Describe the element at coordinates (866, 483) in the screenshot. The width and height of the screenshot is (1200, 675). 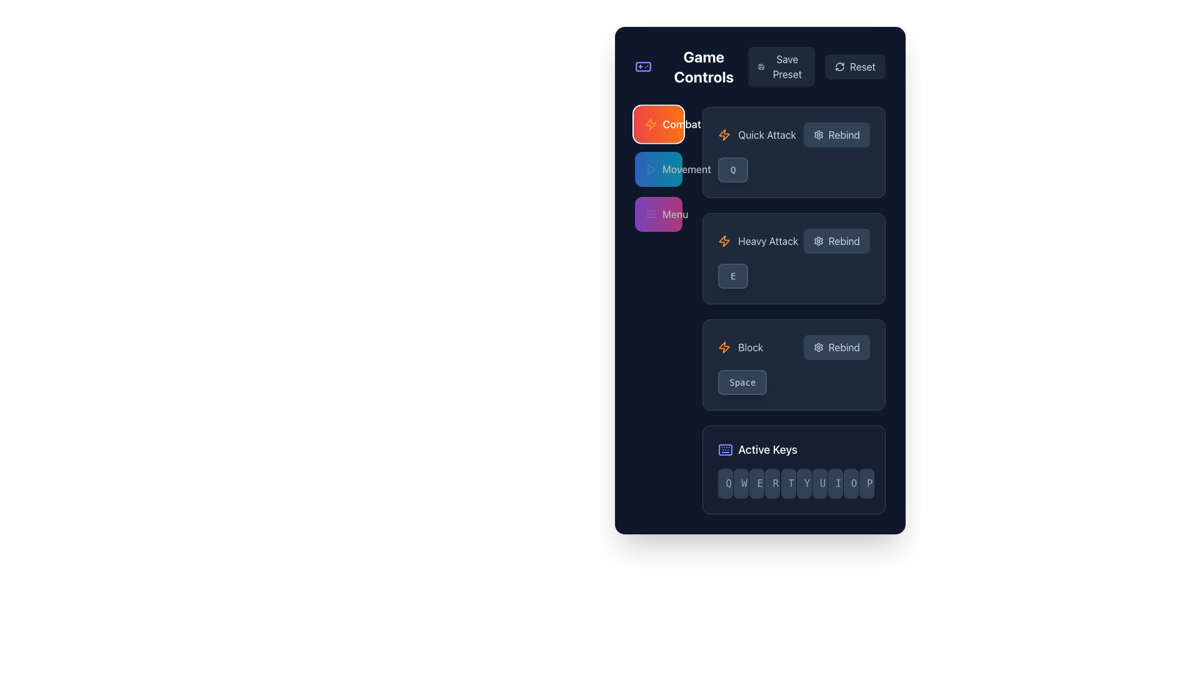
I see `the 'P' key in the active keys display, which is the last key in the row of 'QWERTYUIOP' at the bottom of the interface` at that location.